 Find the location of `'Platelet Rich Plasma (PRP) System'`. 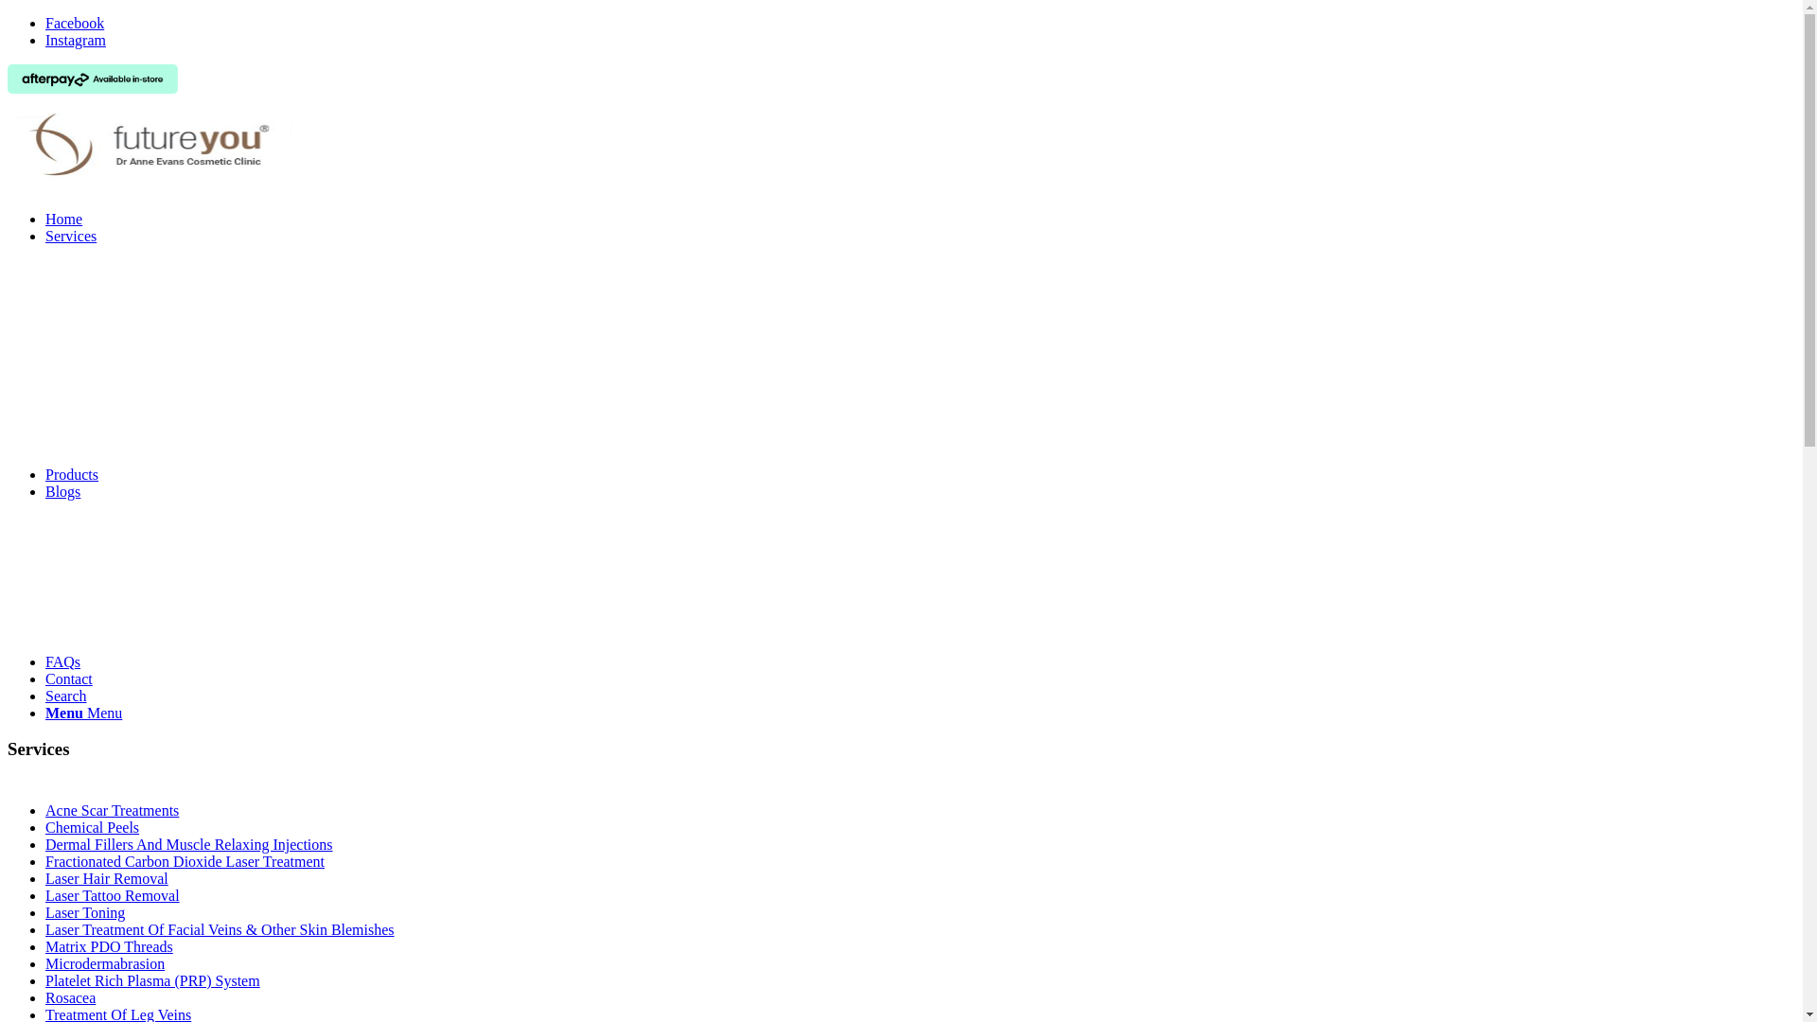

'Platelet Rich Plasma (PRP) System' is located at coordinates (152, 979).